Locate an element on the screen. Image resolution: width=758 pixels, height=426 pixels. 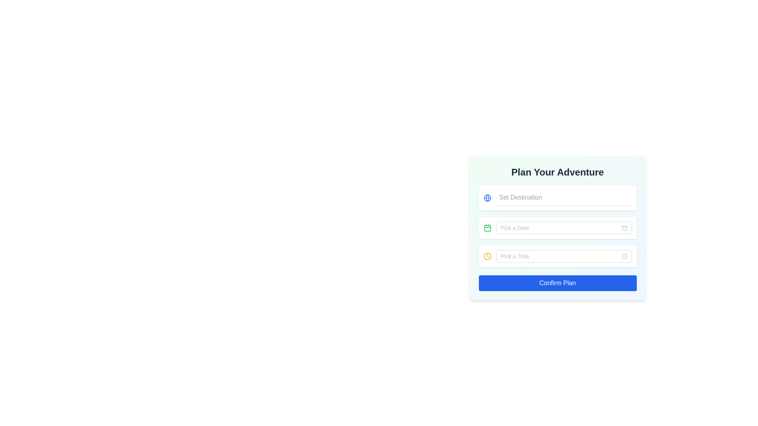
the globe icon that represents geography or travel, located to the left of the 'Set Destination' text input field is located at coordinates (487, 197).